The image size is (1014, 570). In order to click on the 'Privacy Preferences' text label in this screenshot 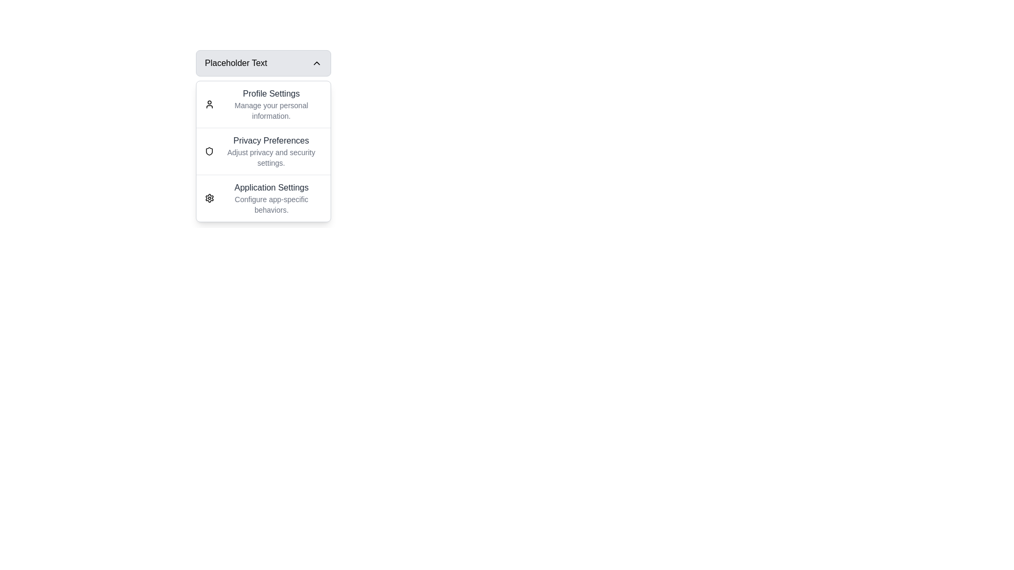, I will do `click(271, 151)`.